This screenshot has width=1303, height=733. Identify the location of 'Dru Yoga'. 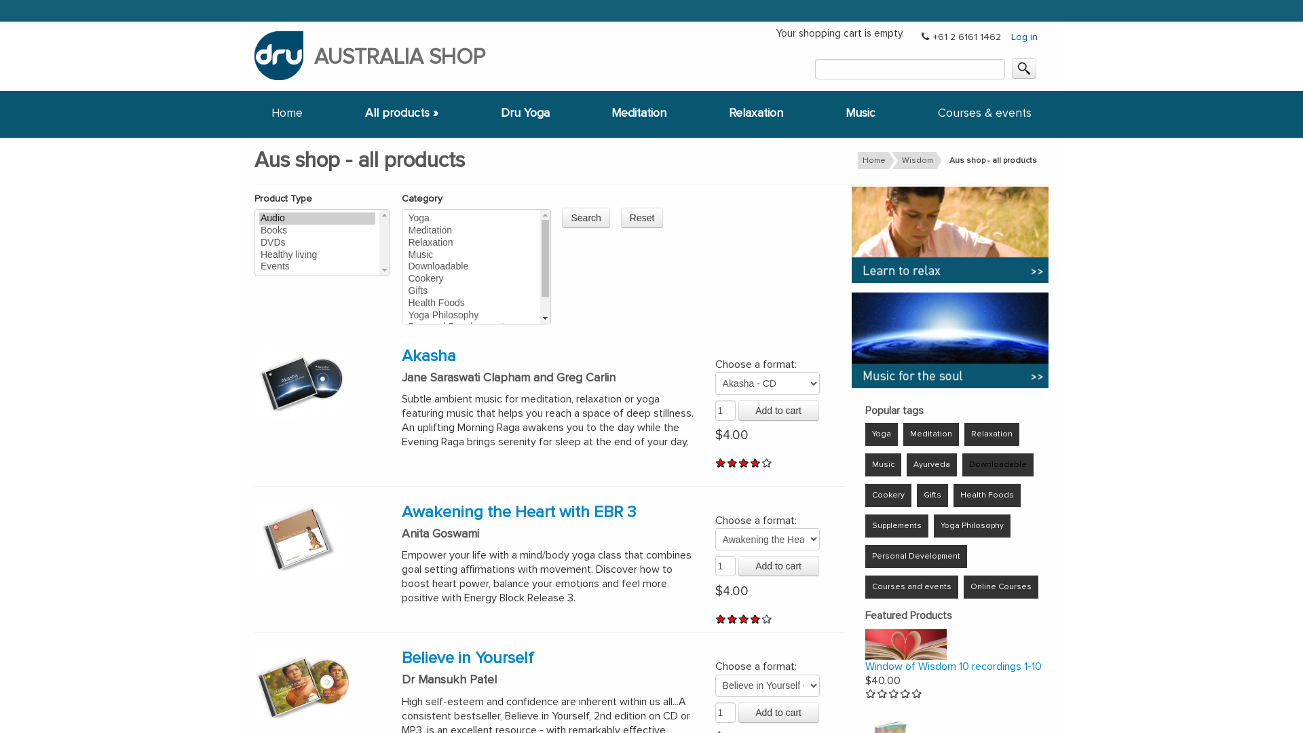
(524, 111).